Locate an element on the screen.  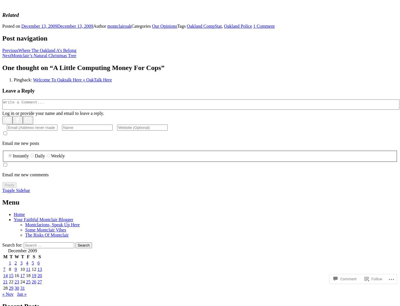
'6' is located at coordinates (38, 263).